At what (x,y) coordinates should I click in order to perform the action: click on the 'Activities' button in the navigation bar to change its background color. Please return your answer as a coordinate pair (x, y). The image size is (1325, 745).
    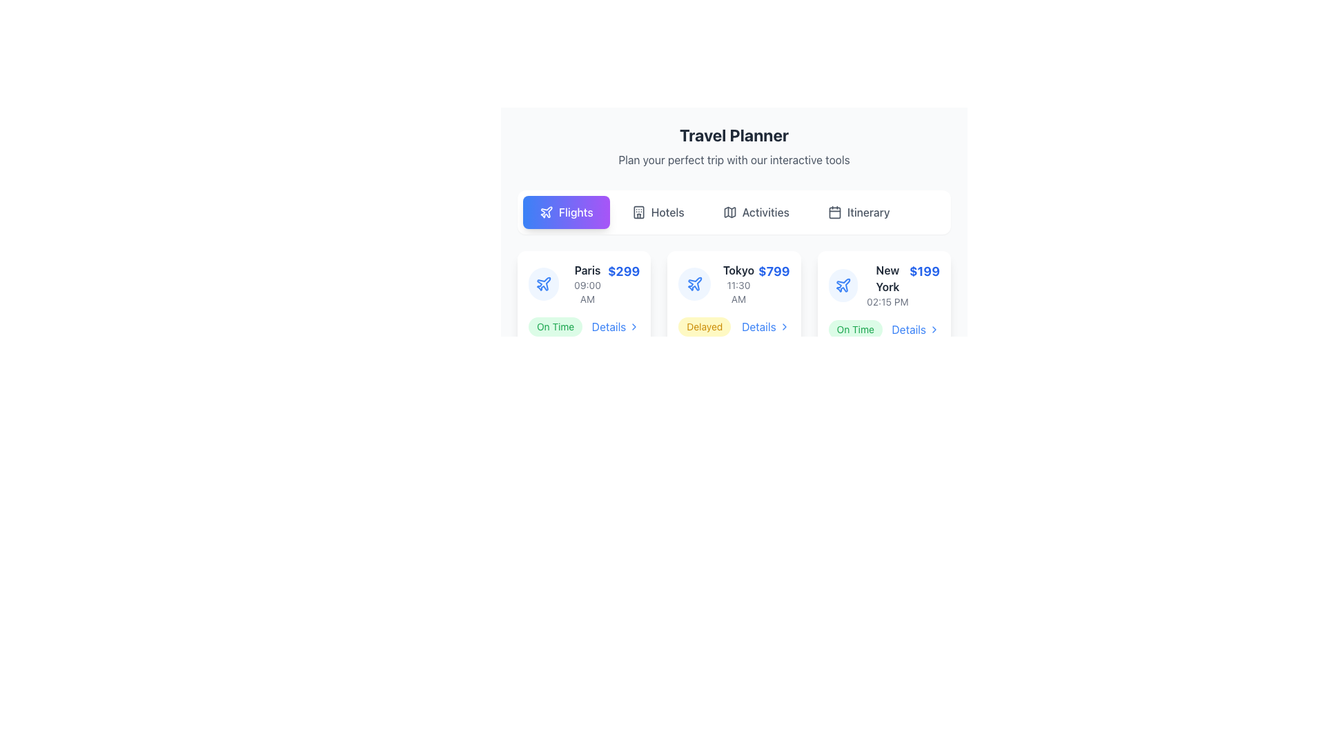
    Looking at the image, I should click on (755, 212).